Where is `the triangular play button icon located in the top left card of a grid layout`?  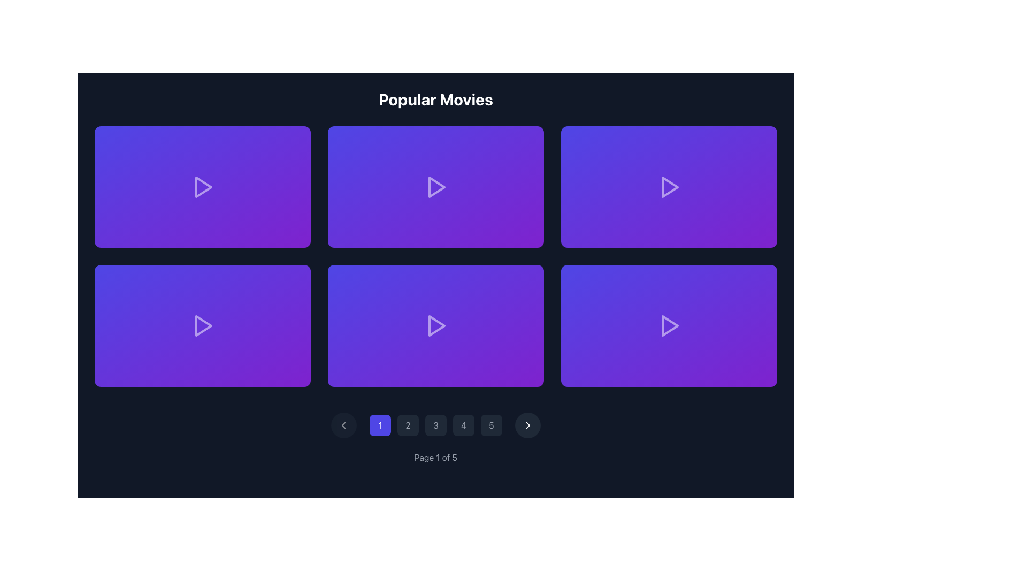 the triangular play button icon located in the top left card of a grid layout is located at coordinates (203, 186).